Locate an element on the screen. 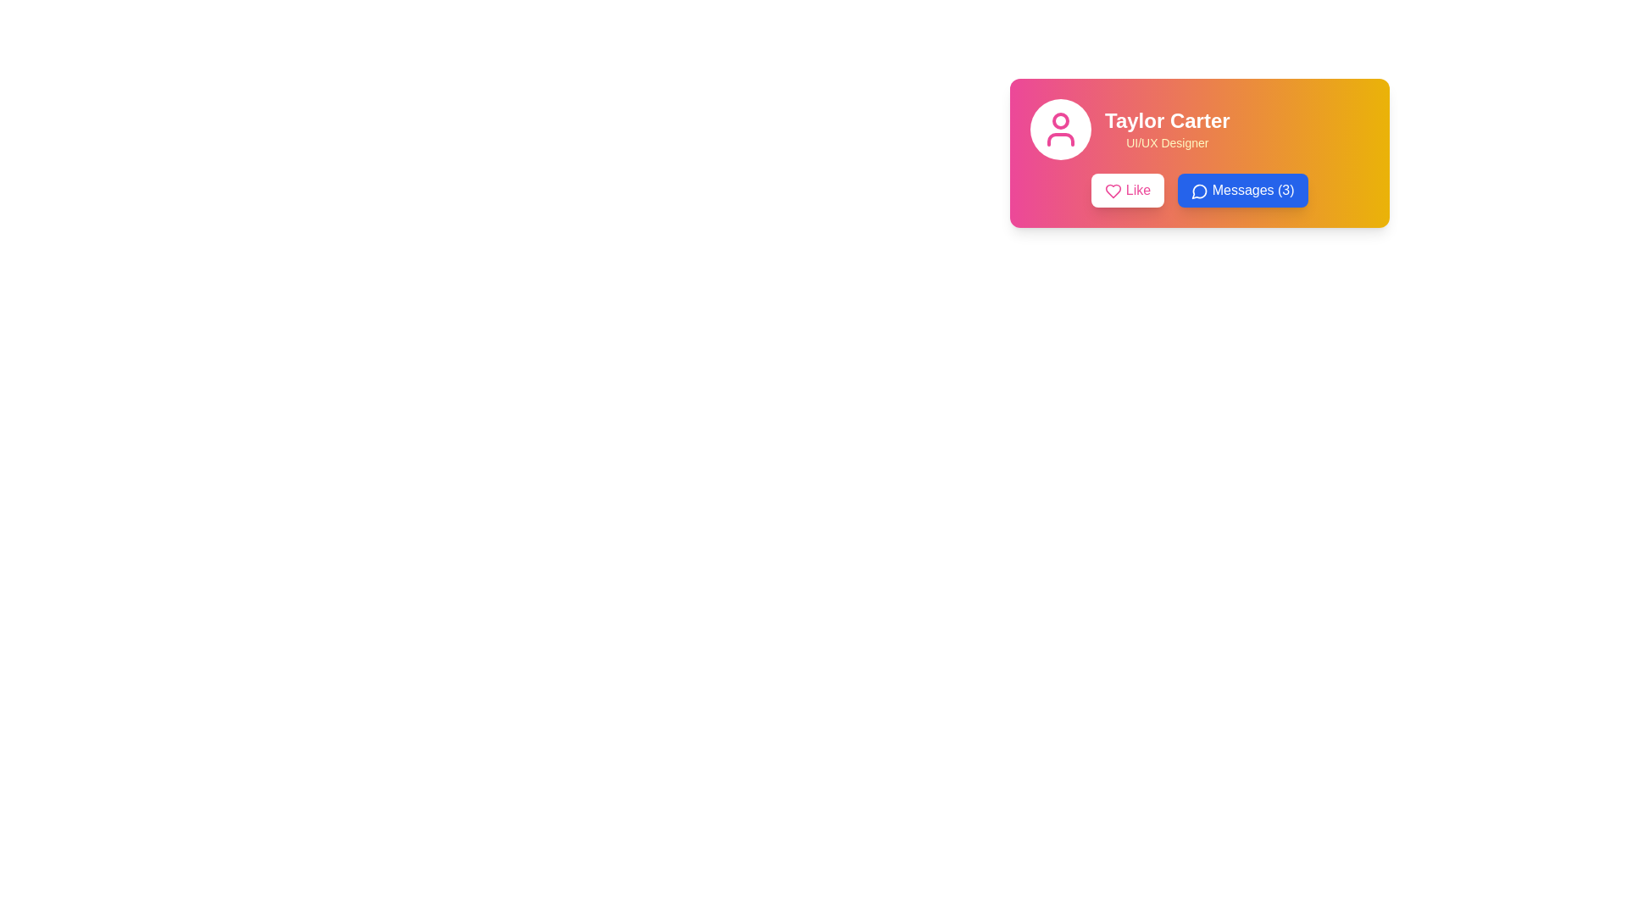 This screenshot has width=1627, height=915. the blue rectangular button labeled 'Messages (3)' with a chat bubble icon is located at coordinates (1199, 190).